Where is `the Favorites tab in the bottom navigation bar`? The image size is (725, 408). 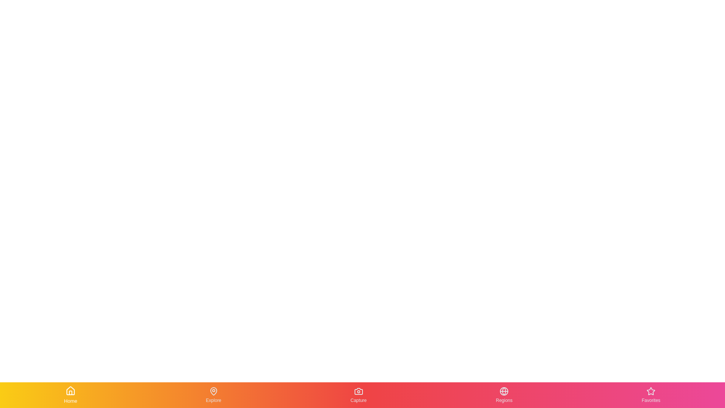
the Favorites tab in the bottom navigation bar is located at coordinates (650, 394).